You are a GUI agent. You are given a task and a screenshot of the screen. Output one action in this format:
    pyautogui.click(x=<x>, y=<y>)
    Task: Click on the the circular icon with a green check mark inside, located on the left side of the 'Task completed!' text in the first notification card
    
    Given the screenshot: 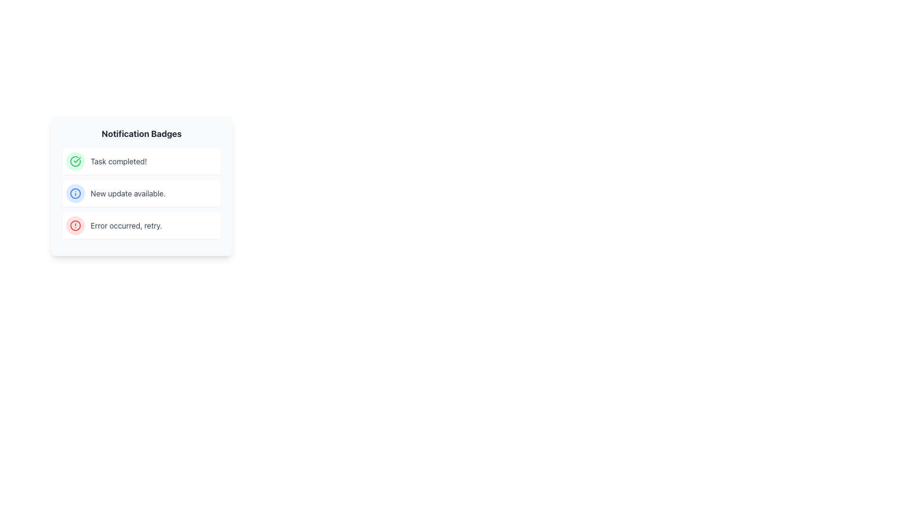 What is the action you would take?
    pyautogui.click(x=75, y=161)
    